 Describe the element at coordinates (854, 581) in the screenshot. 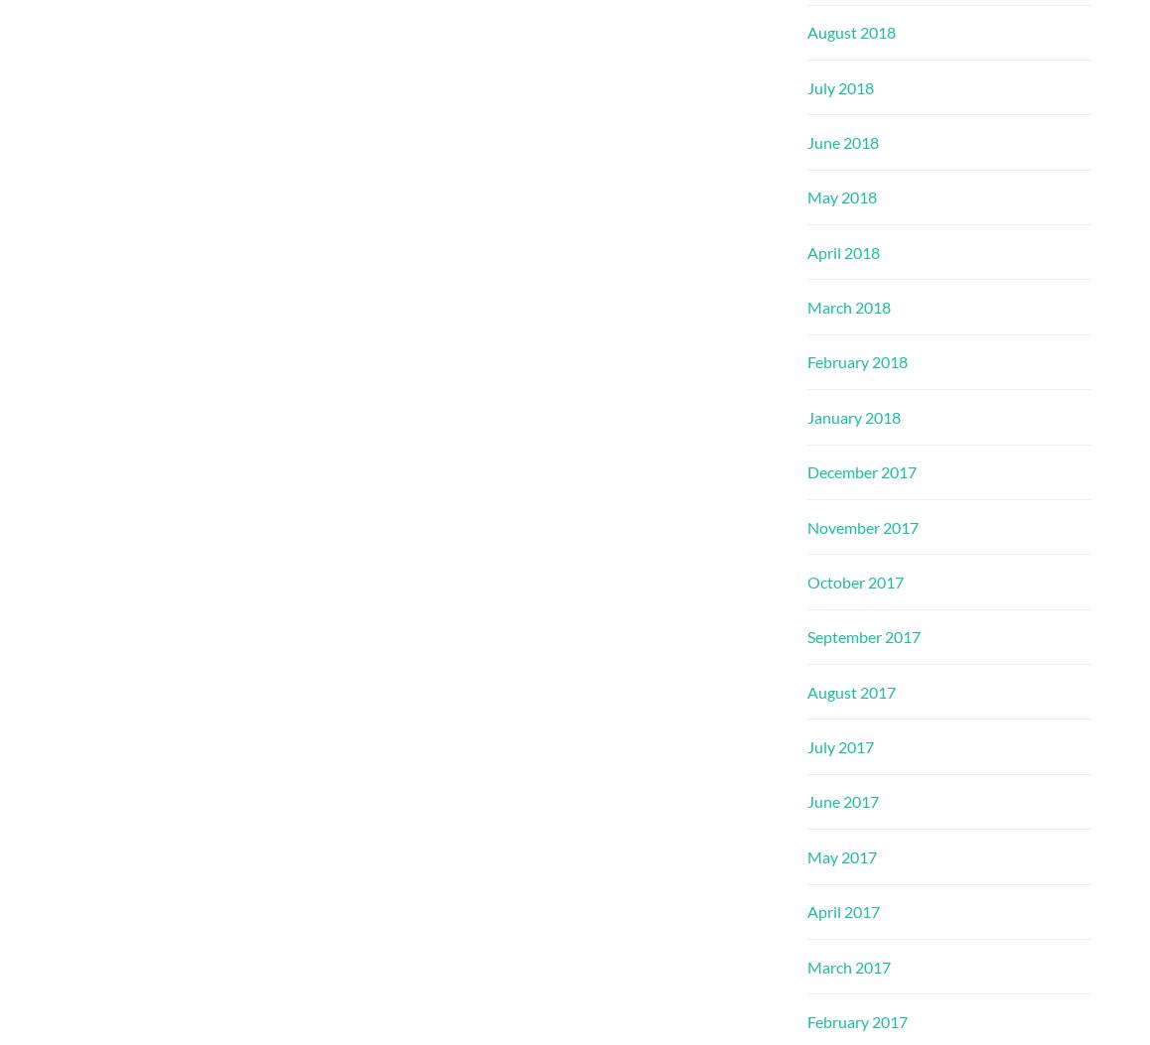

I see `'October 2017'` at that location.